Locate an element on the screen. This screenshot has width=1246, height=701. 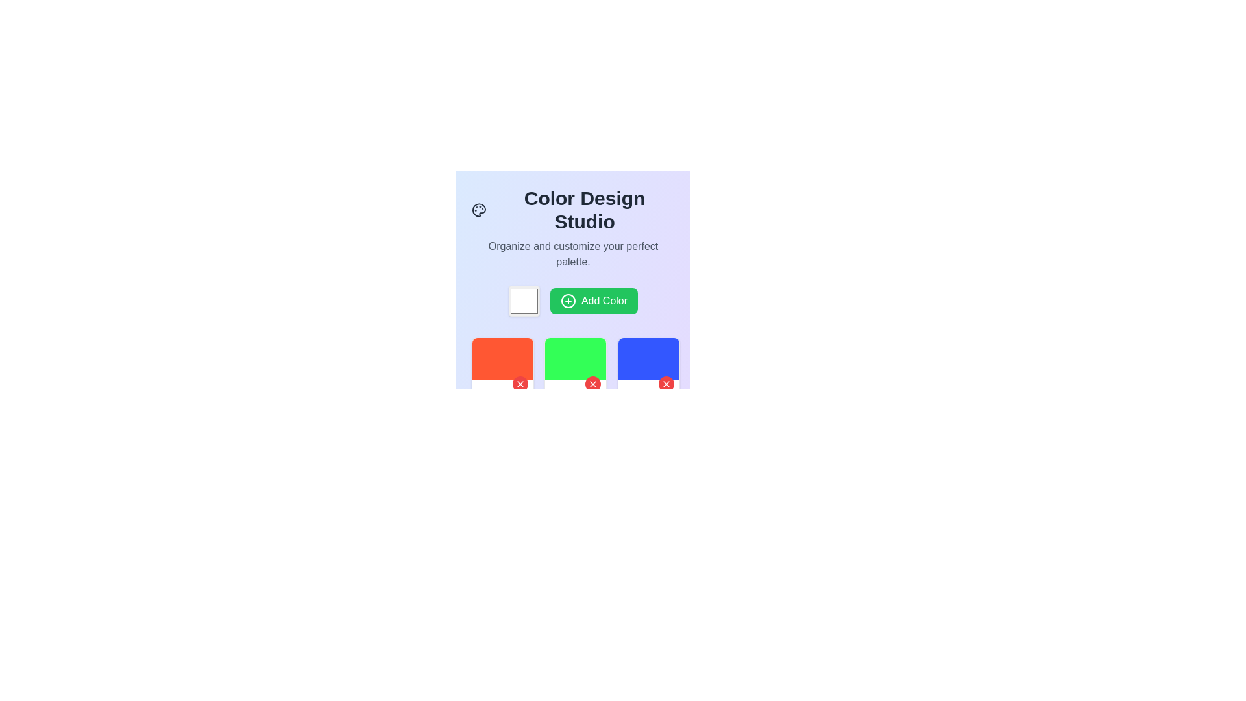
the Text Label that provides descriptive context for the 'Color Design Studio' section, positioned beneath the title and palette icon is located at coordinates (572, 254).